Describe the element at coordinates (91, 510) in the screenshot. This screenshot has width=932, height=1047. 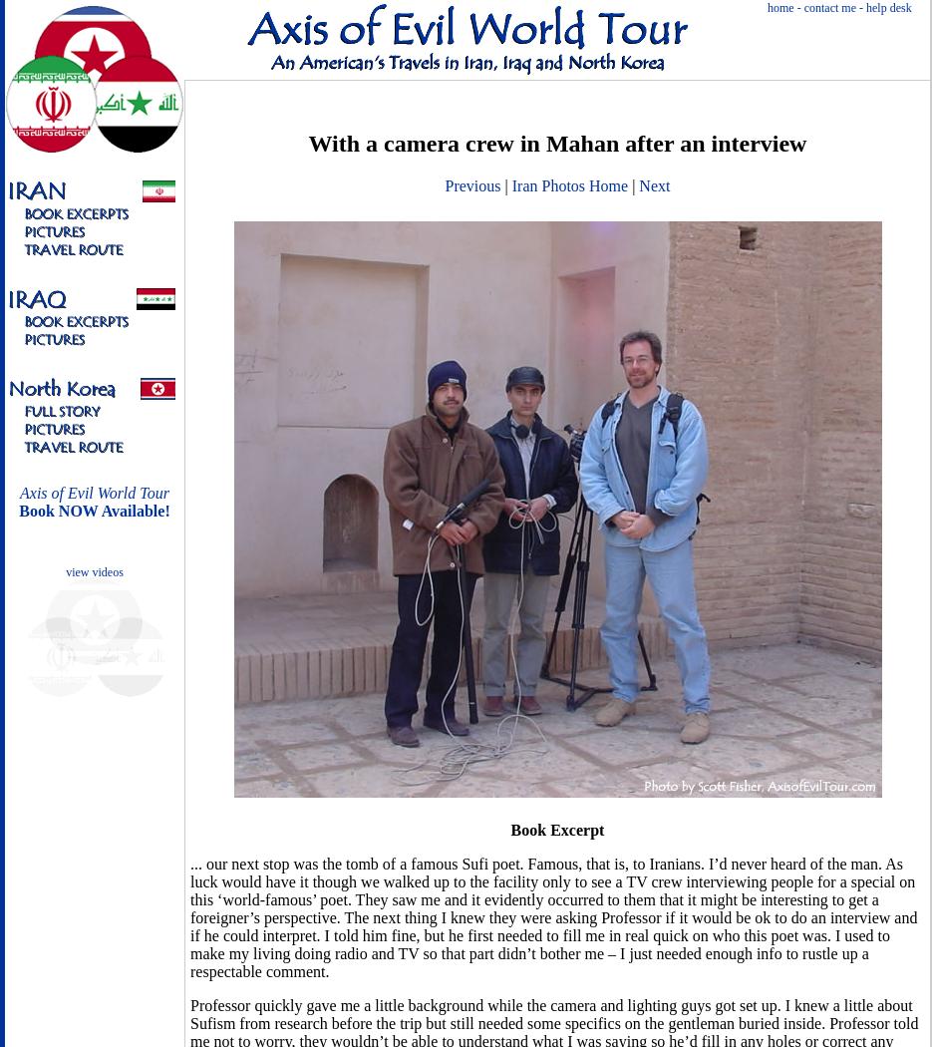
I see `'Book NOW Available'` at that location.